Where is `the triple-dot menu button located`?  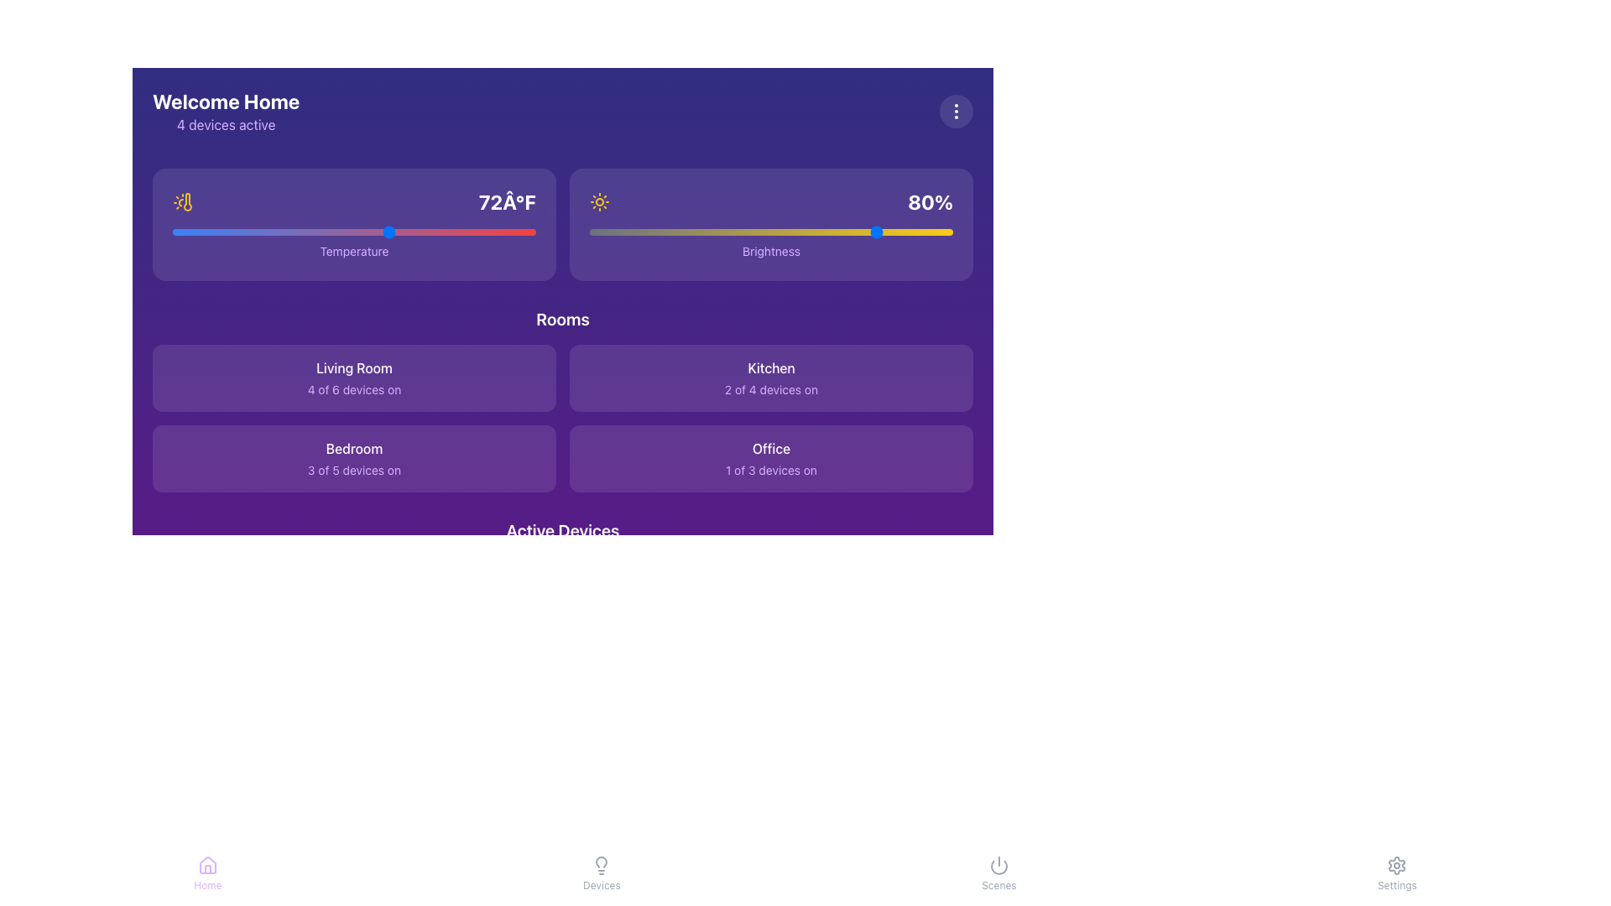 the triple-dot menu button located is located at coordinates (957, 111).